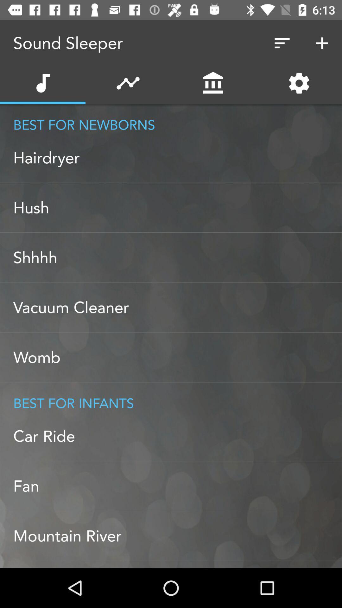 The width and height of the screenshot is (342, 608). I want to click on hush icon, so click(177, 208).